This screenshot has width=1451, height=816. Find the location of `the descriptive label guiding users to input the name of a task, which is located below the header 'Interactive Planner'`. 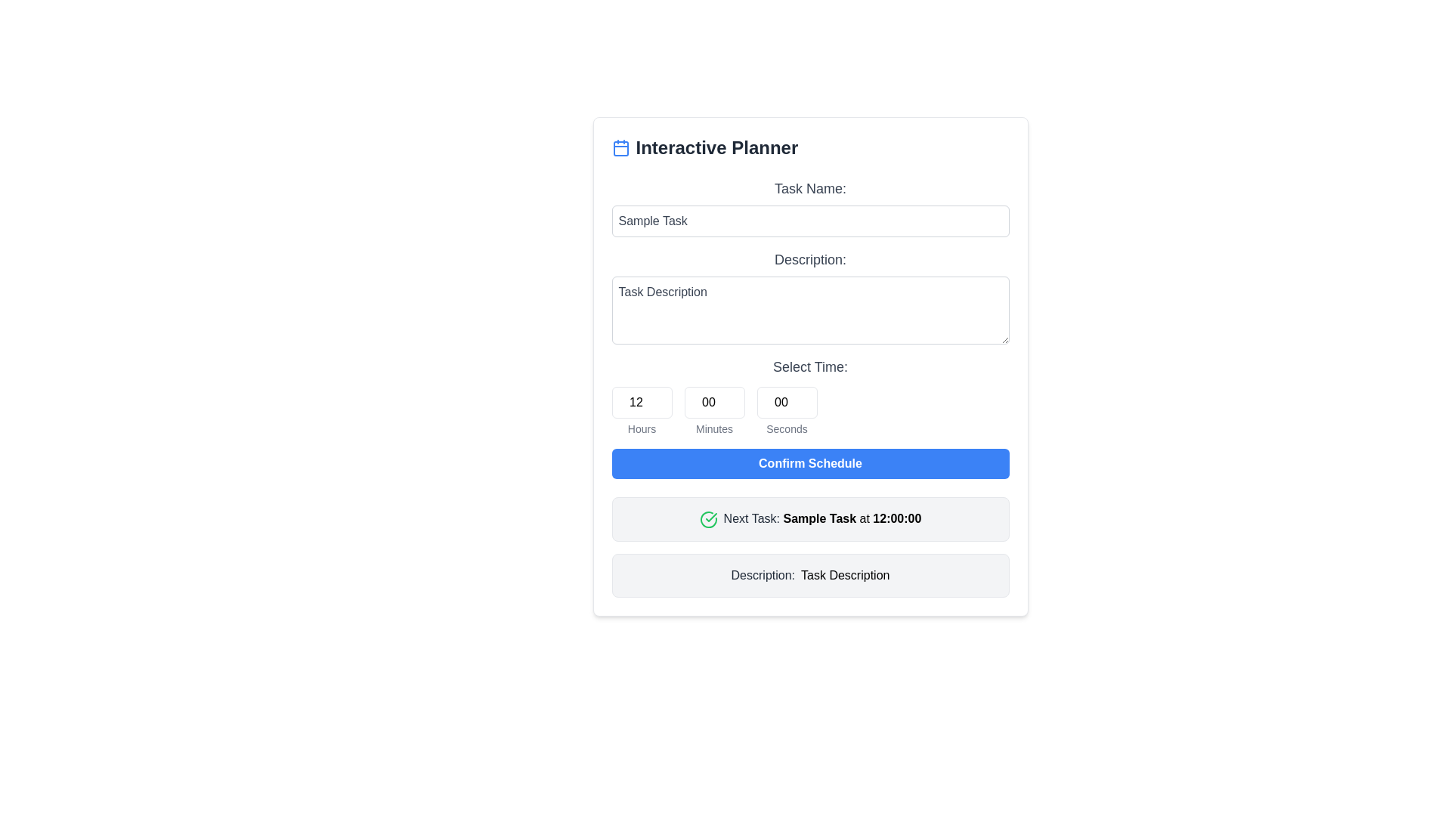

the descriptive label guiding users to input the name of a task, which is located below the header 'Interactive Planner' is located at coordinates (809, 188).